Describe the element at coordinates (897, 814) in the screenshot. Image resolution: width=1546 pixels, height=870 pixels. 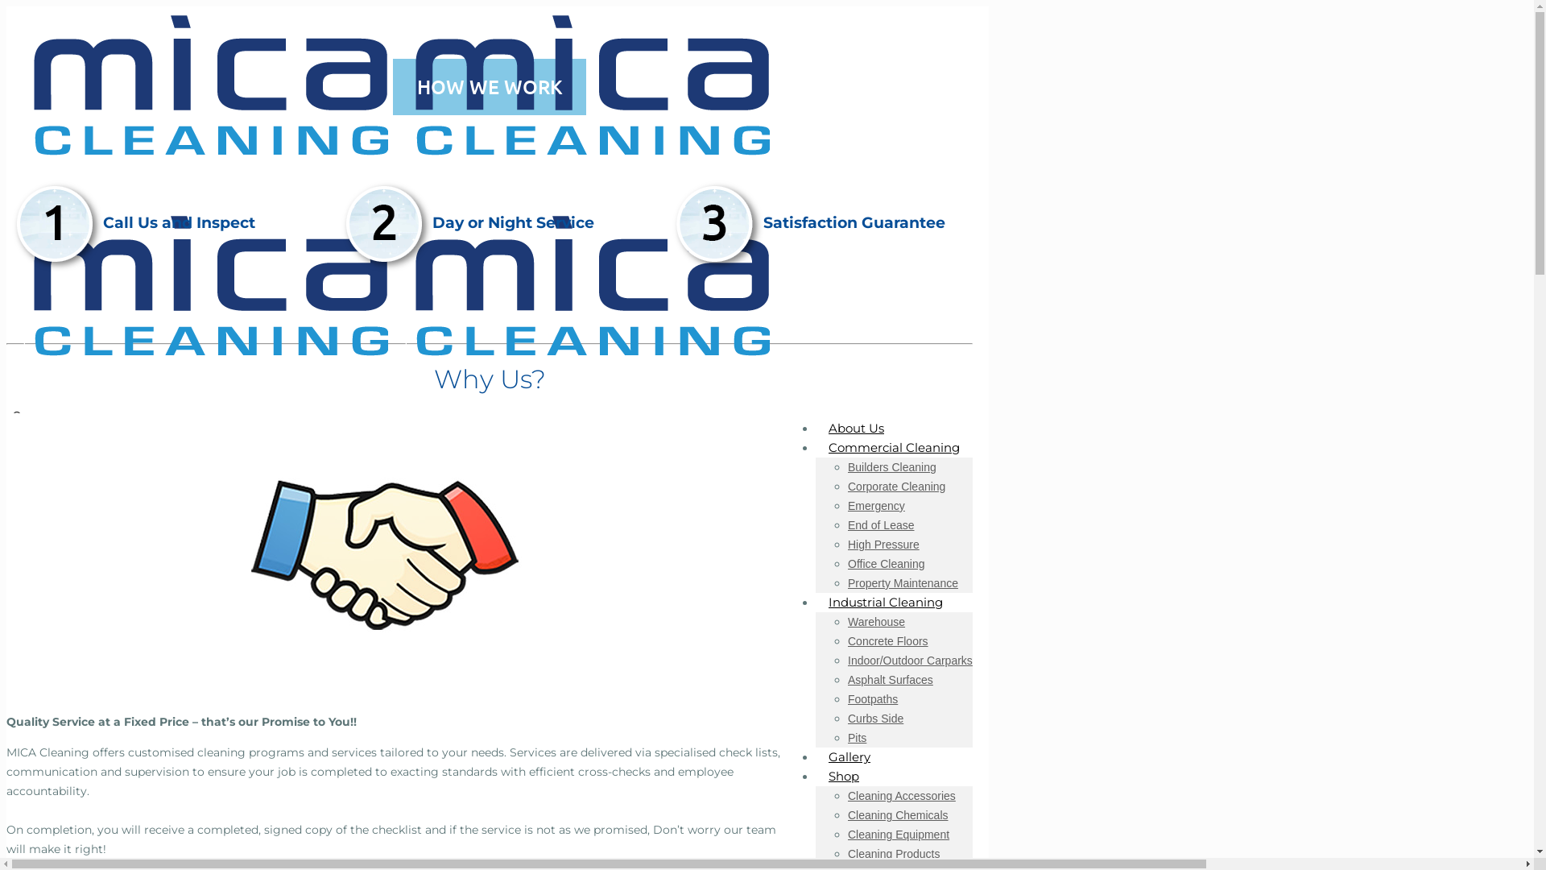
I see `'Cleaning Chemicals'` at that location.